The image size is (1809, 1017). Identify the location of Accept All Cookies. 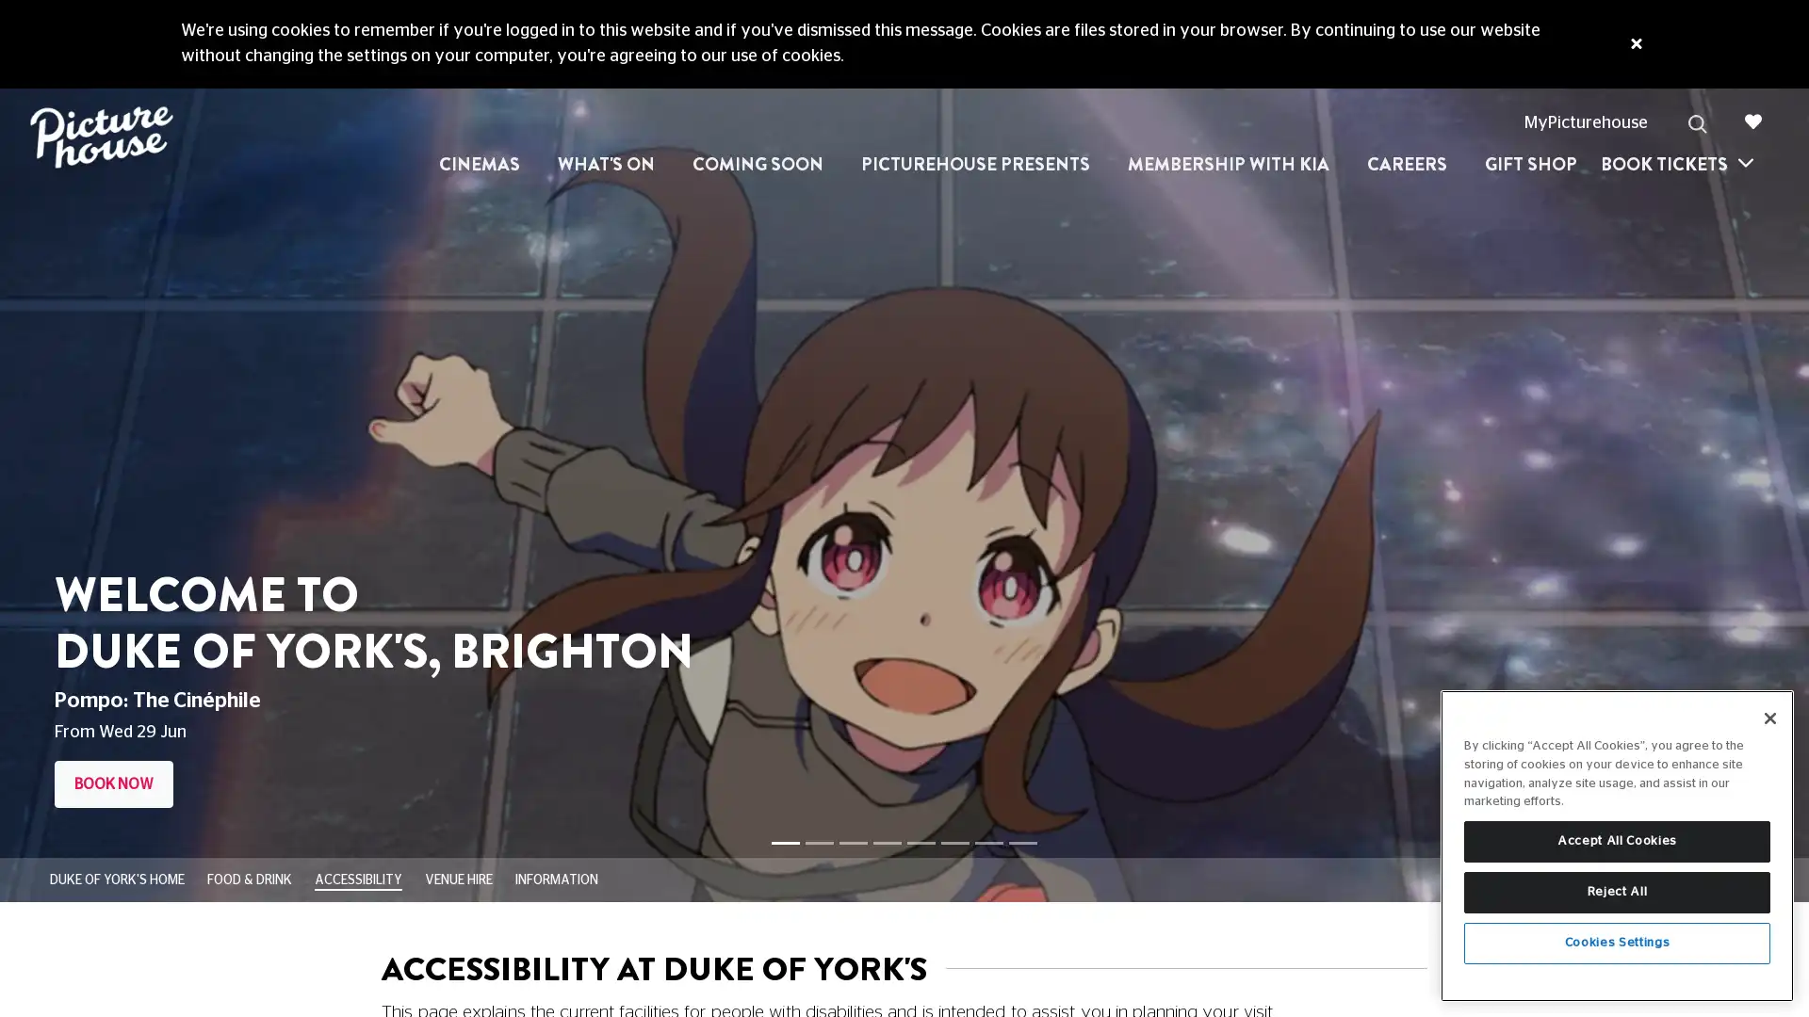
(1616, 841).